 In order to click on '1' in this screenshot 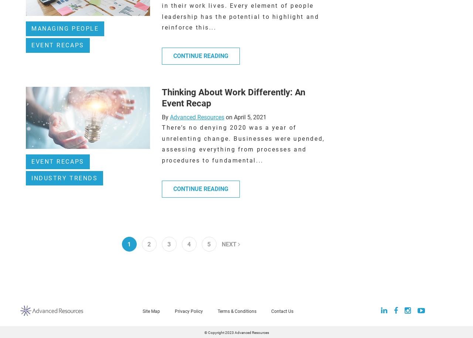, I will do `click(129, 244)`.